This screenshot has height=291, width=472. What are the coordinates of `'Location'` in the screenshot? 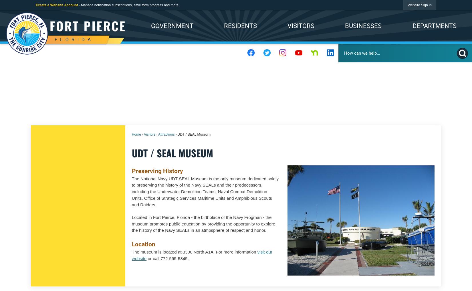 It's located at (131, 244).